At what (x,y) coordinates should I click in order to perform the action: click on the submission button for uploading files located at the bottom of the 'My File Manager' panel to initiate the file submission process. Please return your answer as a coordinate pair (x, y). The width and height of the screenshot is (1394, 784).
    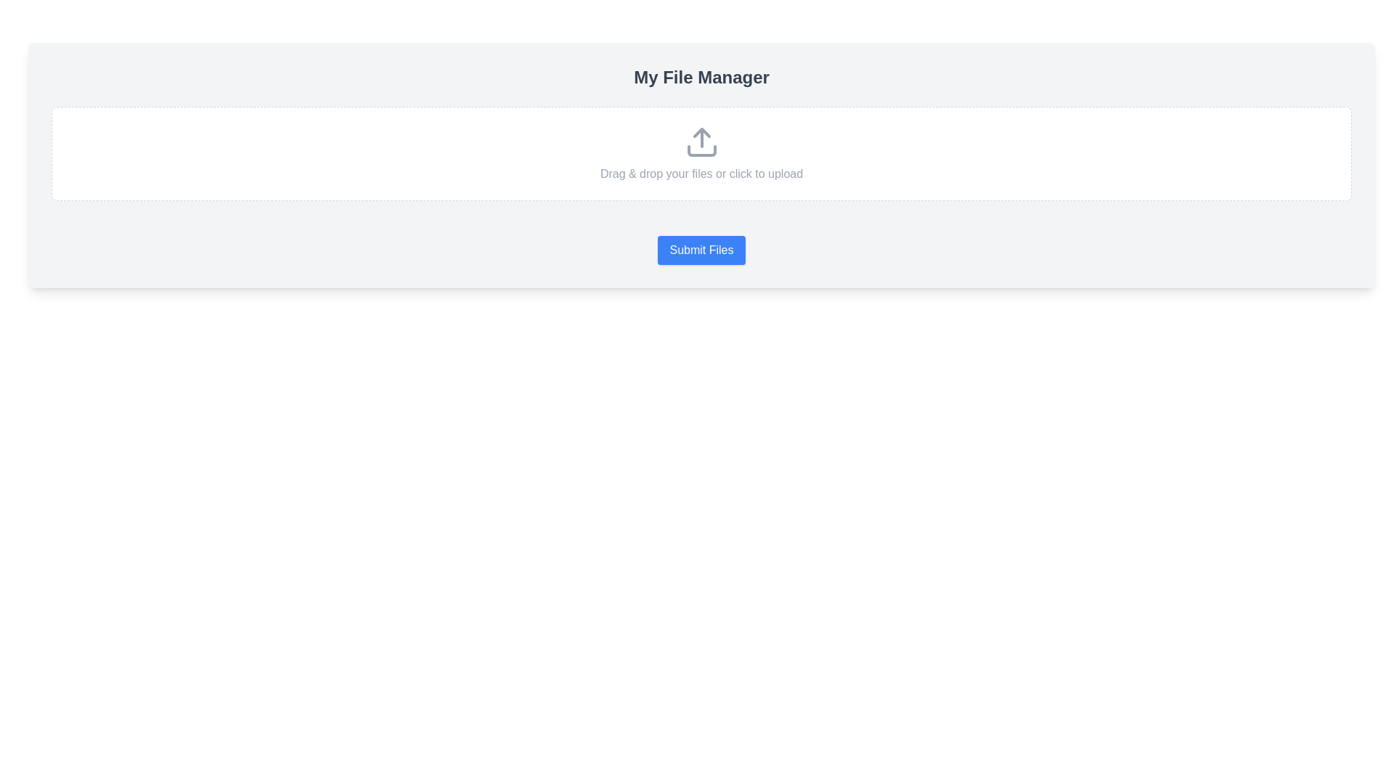
    Looking at the image, I should click on (701, 249).